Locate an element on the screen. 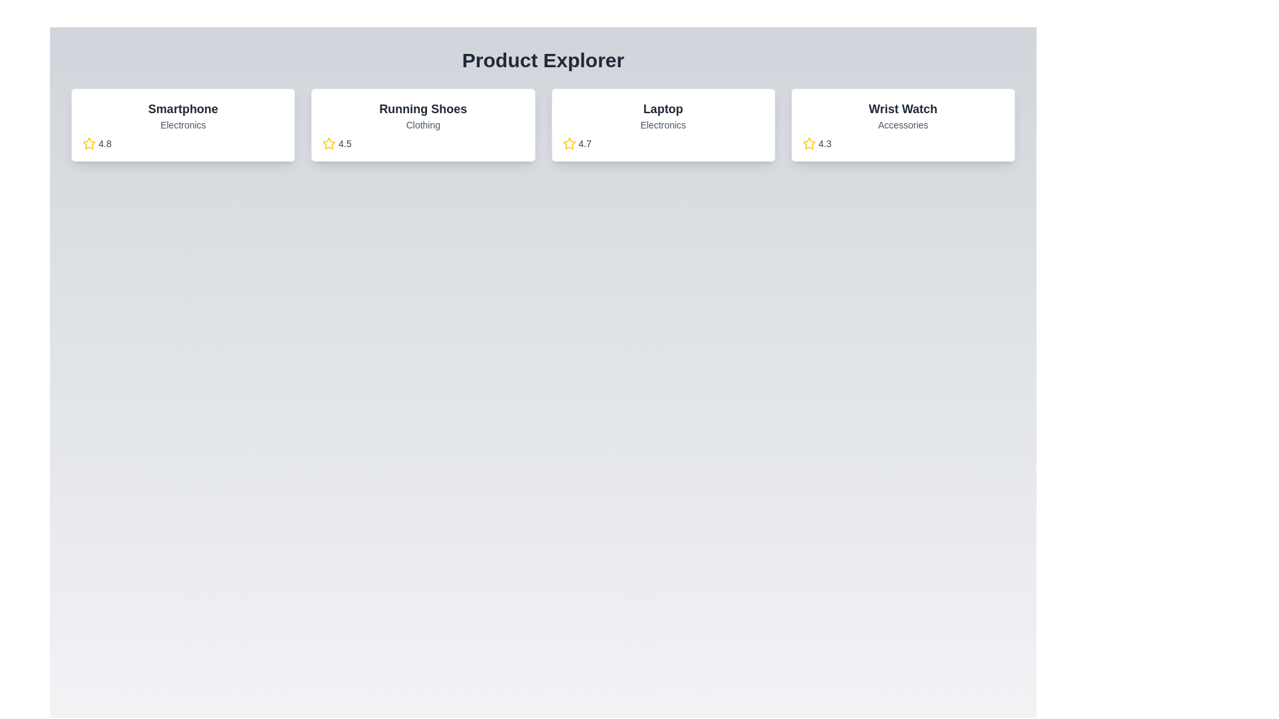 The image size is (1279, 719). the 'Smartphone' text label displayed in bold and large font at the top of the first card in a horizontal list of product cards is located at coordinates (183, 109).